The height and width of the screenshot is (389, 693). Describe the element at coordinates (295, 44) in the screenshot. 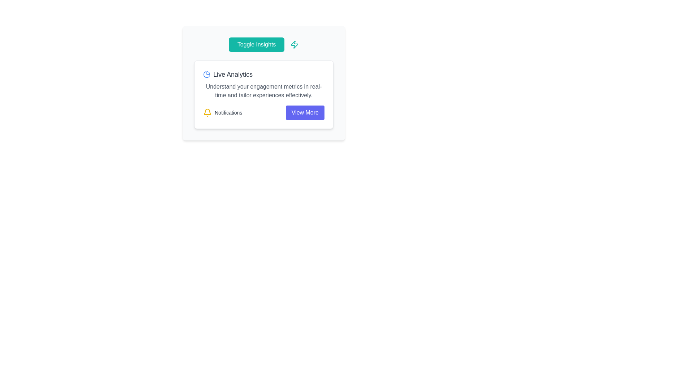

I see `the visual state of the lightning icon located to the right of the 'Toggle Insights' button, aligned vertically at the center of the button` at that location.